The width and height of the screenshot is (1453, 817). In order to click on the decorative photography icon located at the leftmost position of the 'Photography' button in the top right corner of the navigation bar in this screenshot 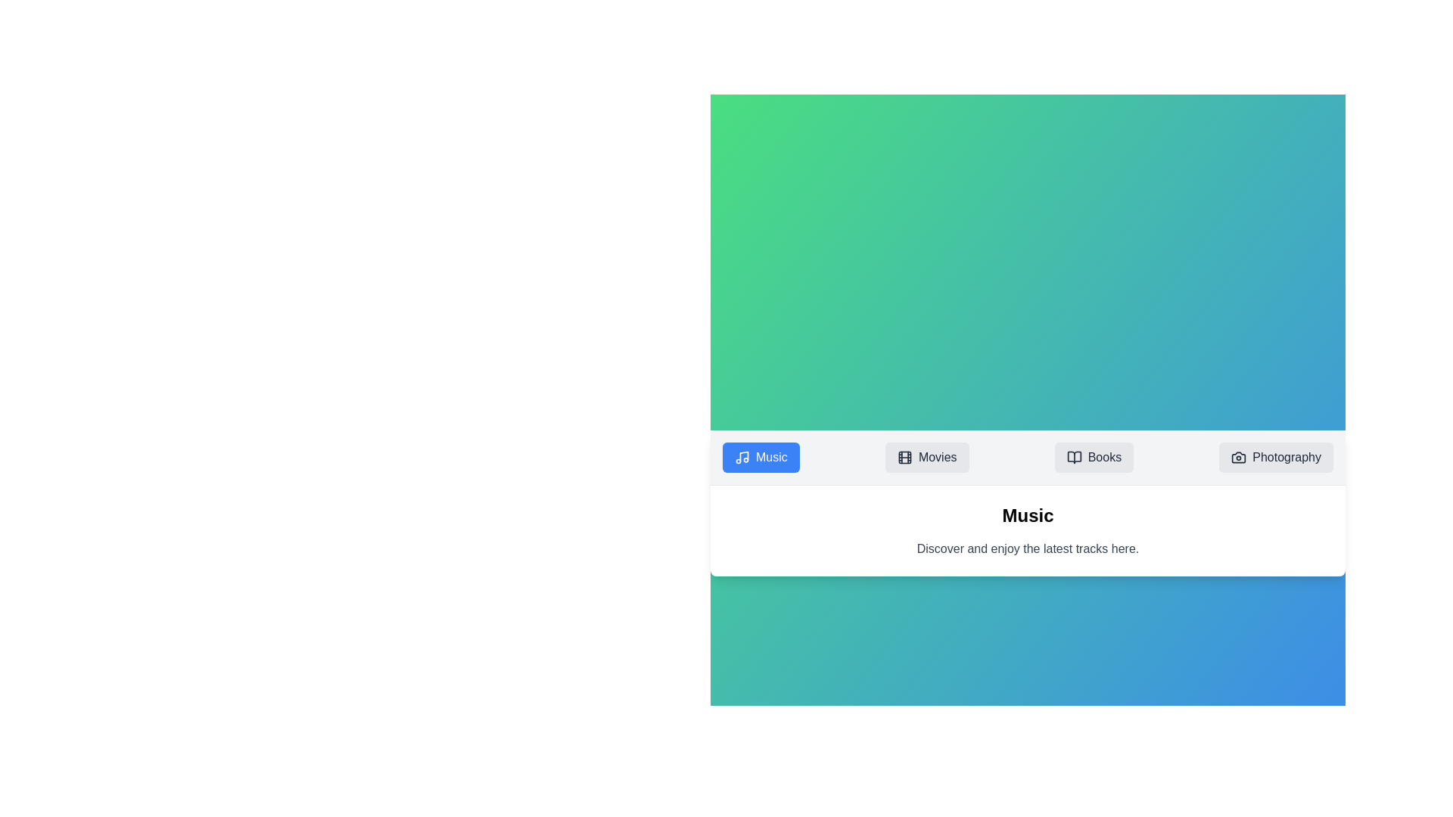, I will do `click(1239, 456)`.